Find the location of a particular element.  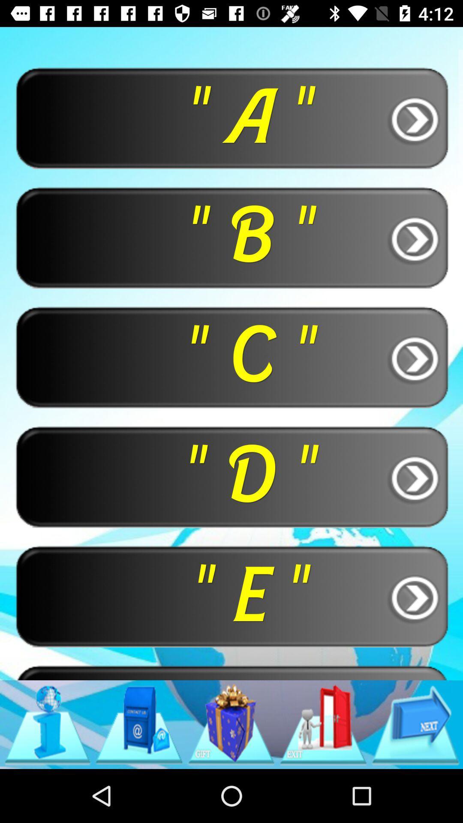

item below the   " f " is located at coordinates (323, 724).